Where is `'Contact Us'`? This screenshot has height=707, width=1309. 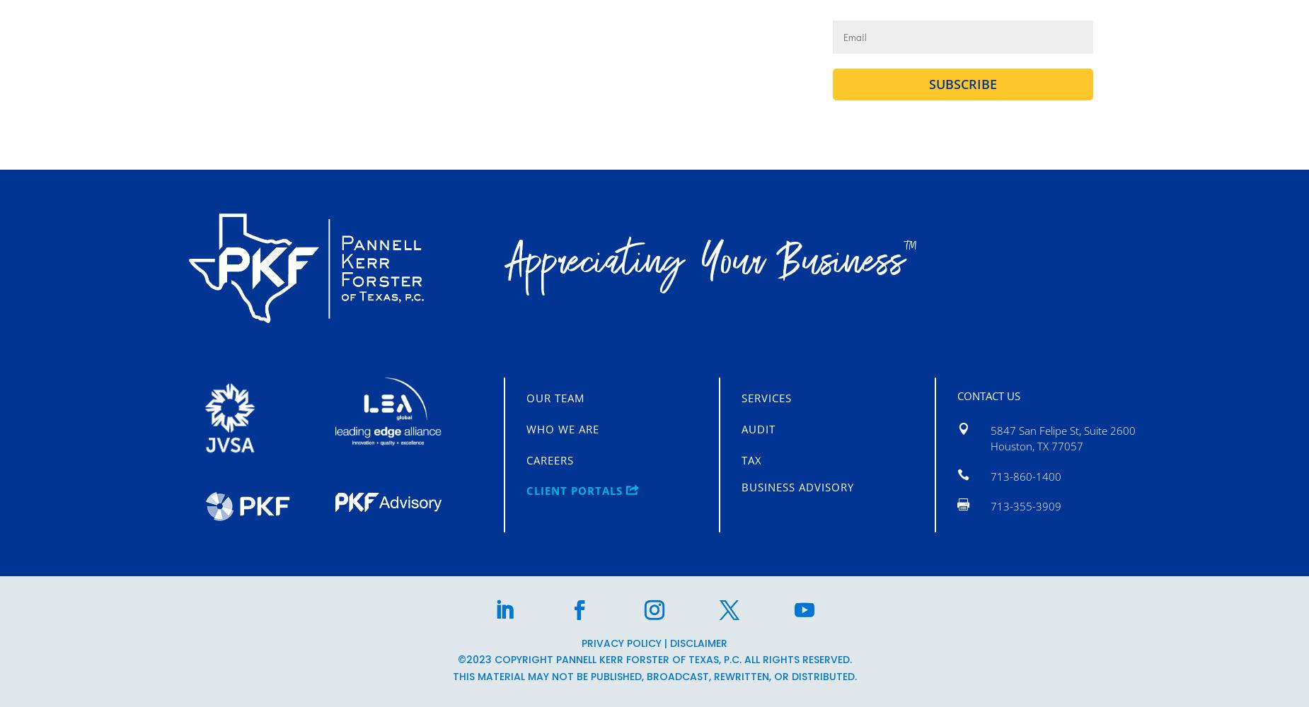
'Contact Us' is located at coordinates (955, 395).